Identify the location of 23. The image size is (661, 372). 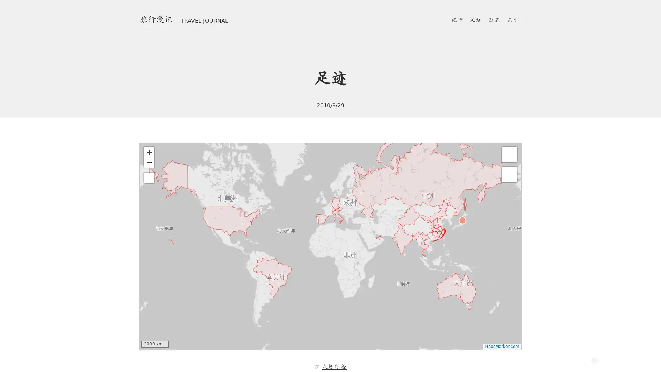
(431, 229).